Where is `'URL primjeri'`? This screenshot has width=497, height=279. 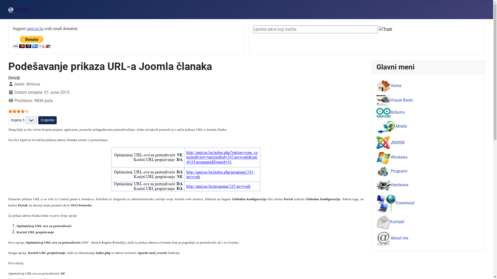
'URL primjeri' is located at coordinates (186, 169).